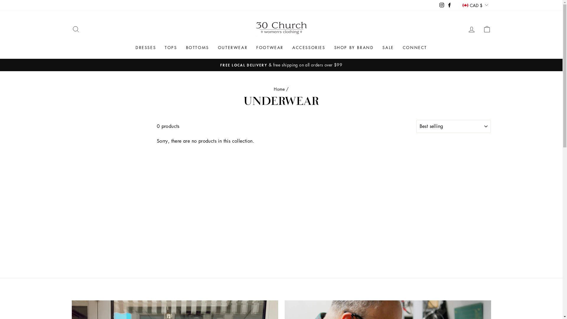  What do you see at coordinates (197, 48) in the screenshot?
I see `'BOTTOMS'` at bounding box center [197, 48].